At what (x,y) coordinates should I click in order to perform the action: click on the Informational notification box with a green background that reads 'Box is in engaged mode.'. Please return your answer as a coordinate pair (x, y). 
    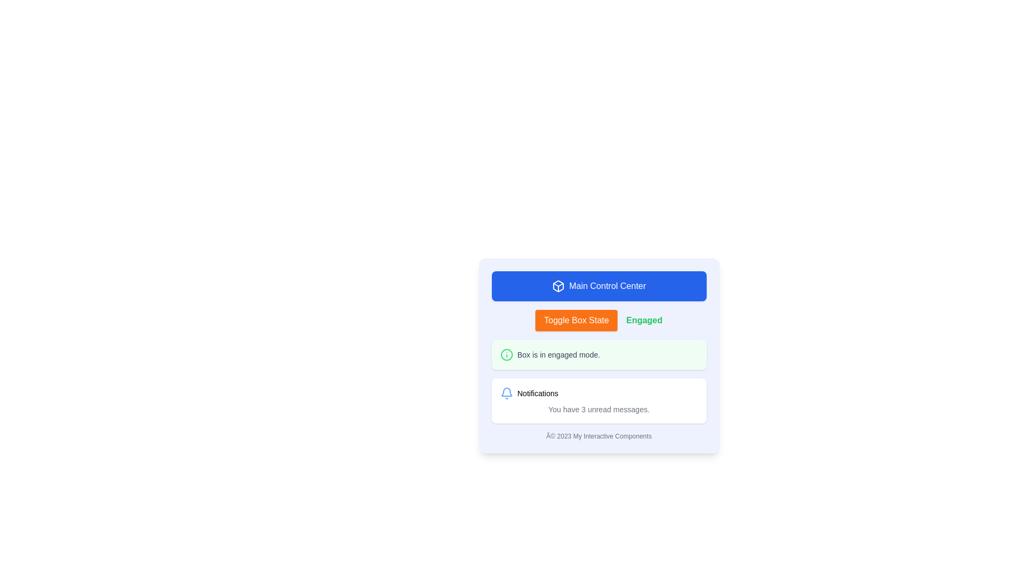
    Looking at the image, I should click on (598, 355).